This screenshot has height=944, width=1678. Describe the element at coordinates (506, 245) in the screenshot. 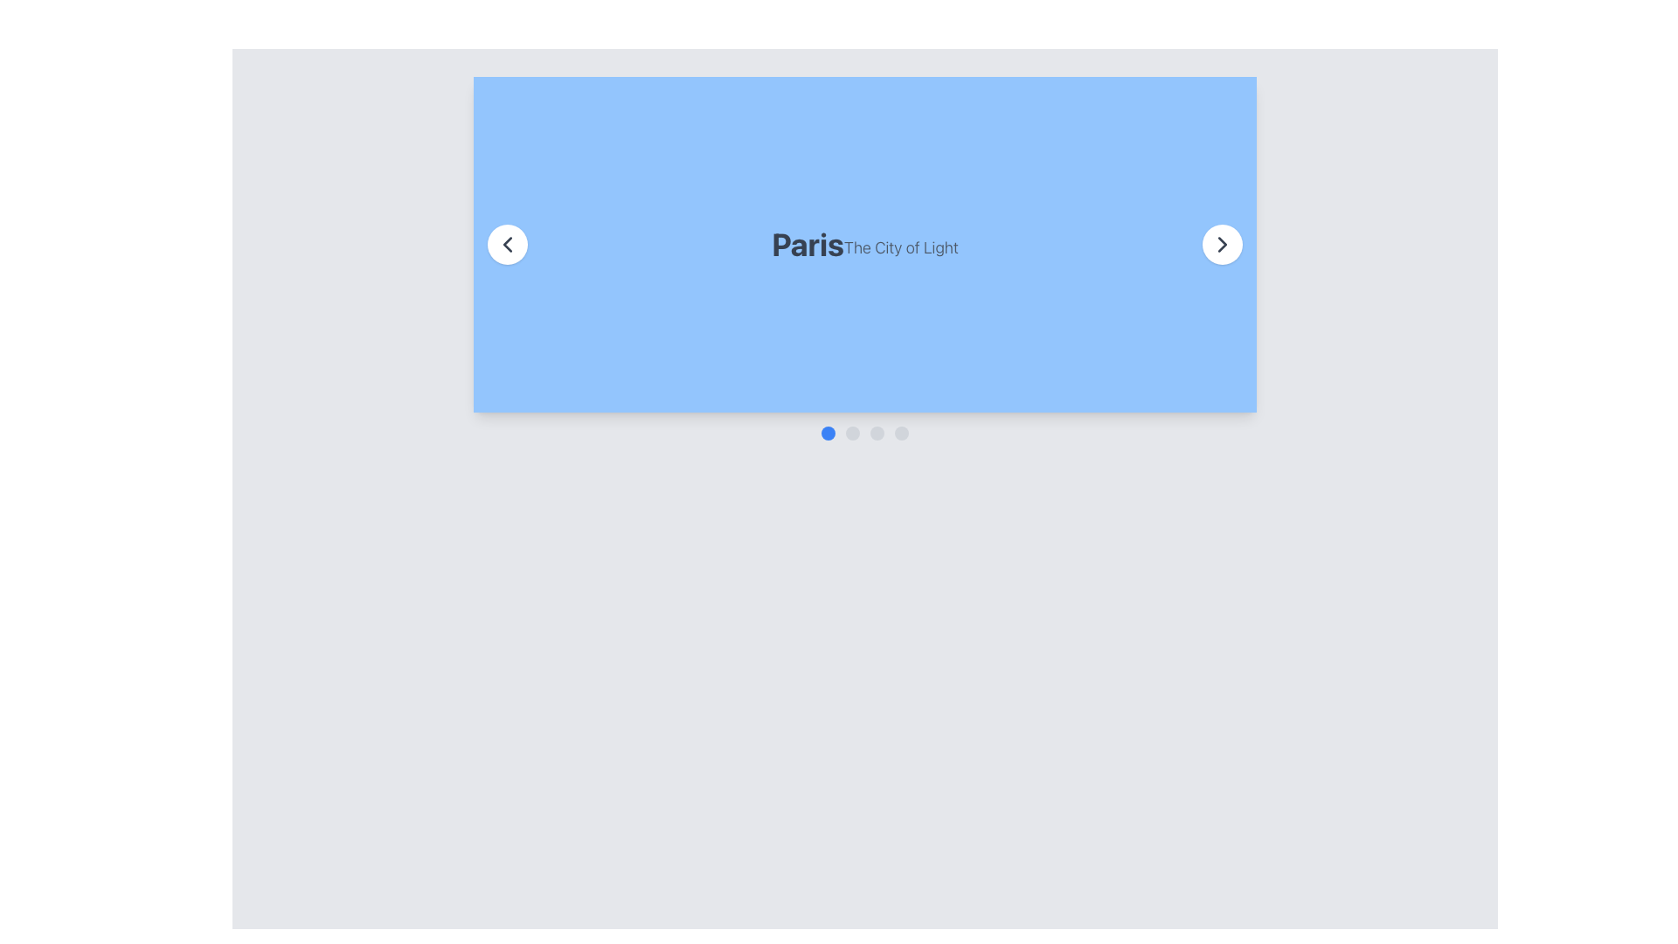

I see `the circular button icon on the left side of the blue content area labeled 'Paris'` at that location.